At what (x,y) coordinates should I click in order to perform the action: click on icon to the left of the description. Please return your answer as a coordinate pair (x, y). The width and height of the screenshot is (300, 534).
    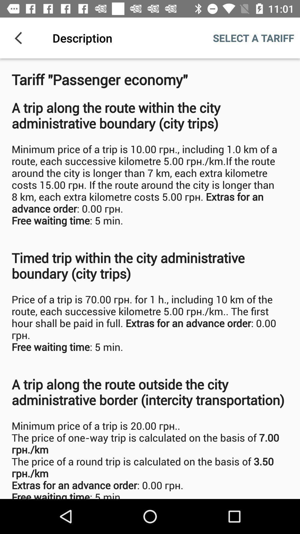
    Looking at the image, I should click on (20, 38).